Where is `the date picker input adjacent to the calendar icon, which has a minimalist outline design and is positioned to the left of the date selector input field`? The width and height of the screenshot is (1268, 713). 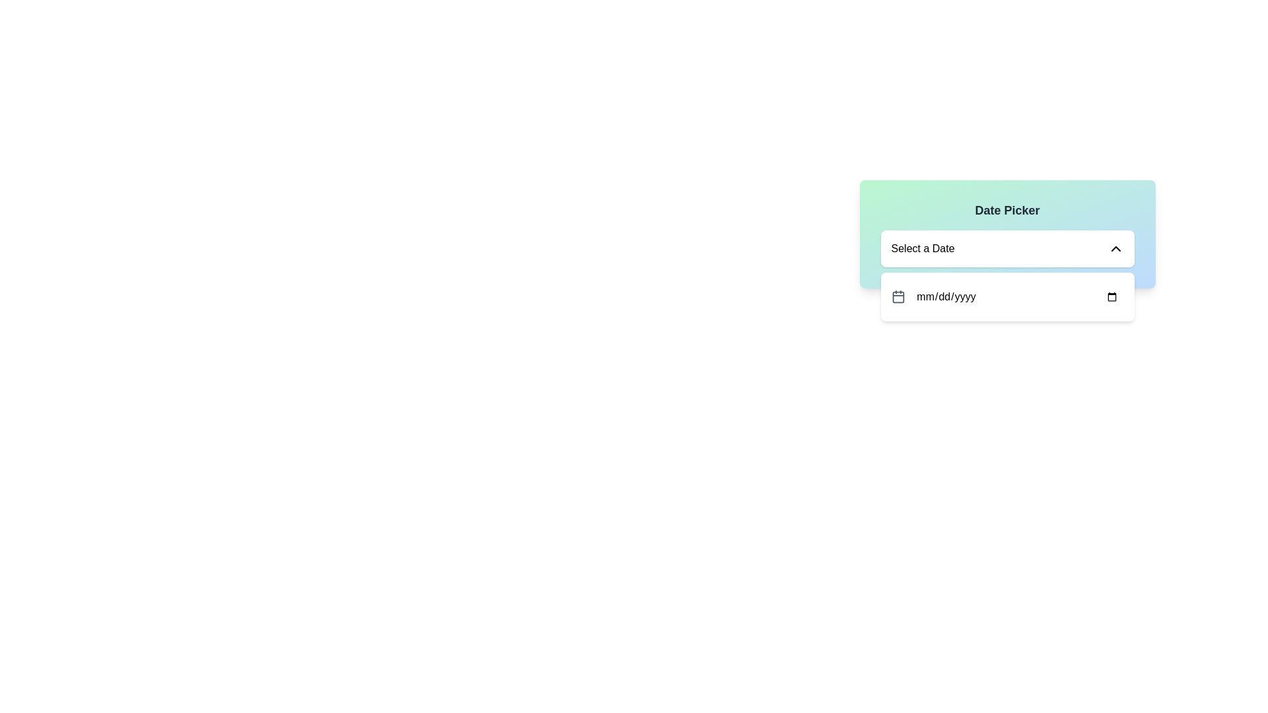 the date picker input adjacent to the calendar icon, which has a minimalist outline design and is positioned to the left of the date selector input field is located at coordinates (898, 297).